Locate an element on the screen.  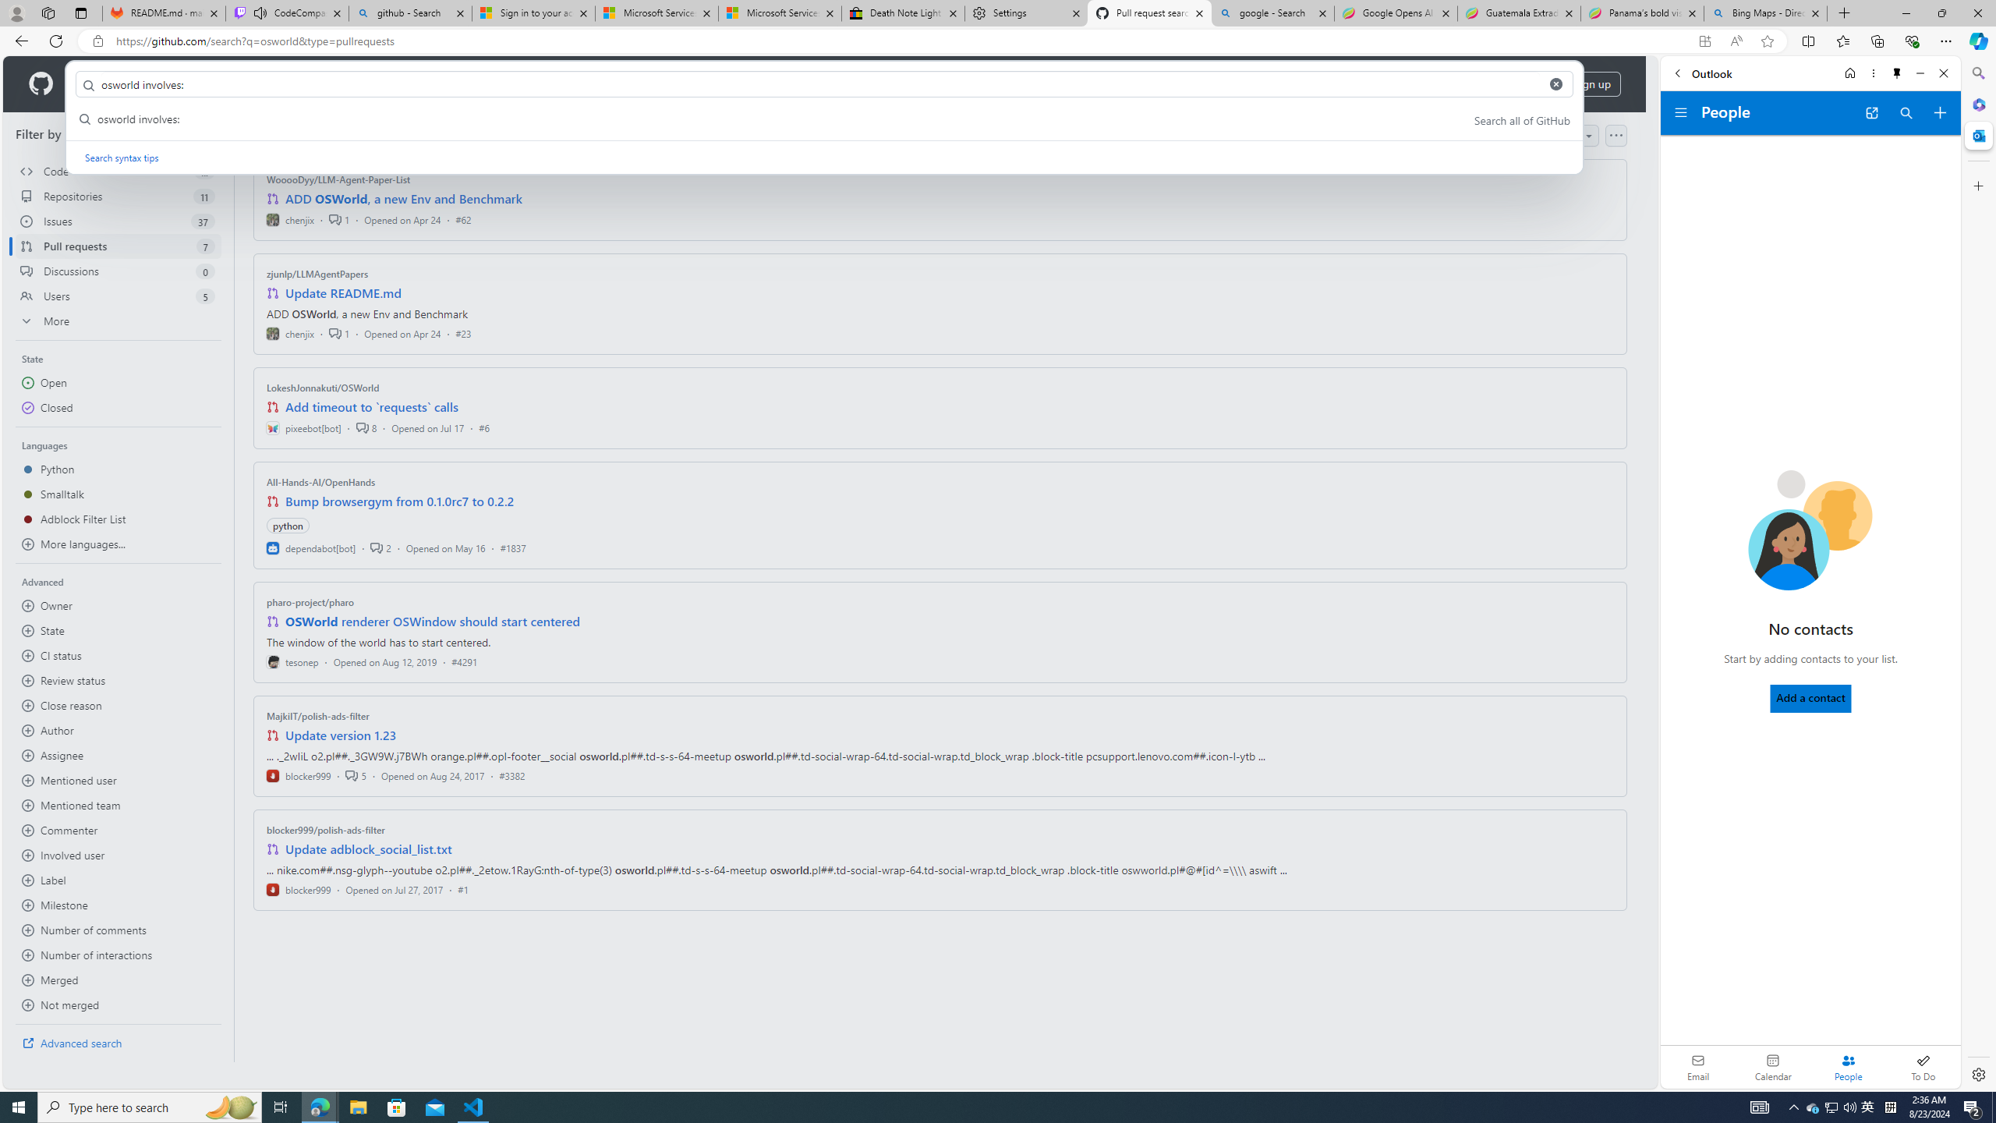
'2' is located at coordinates (380, 547).